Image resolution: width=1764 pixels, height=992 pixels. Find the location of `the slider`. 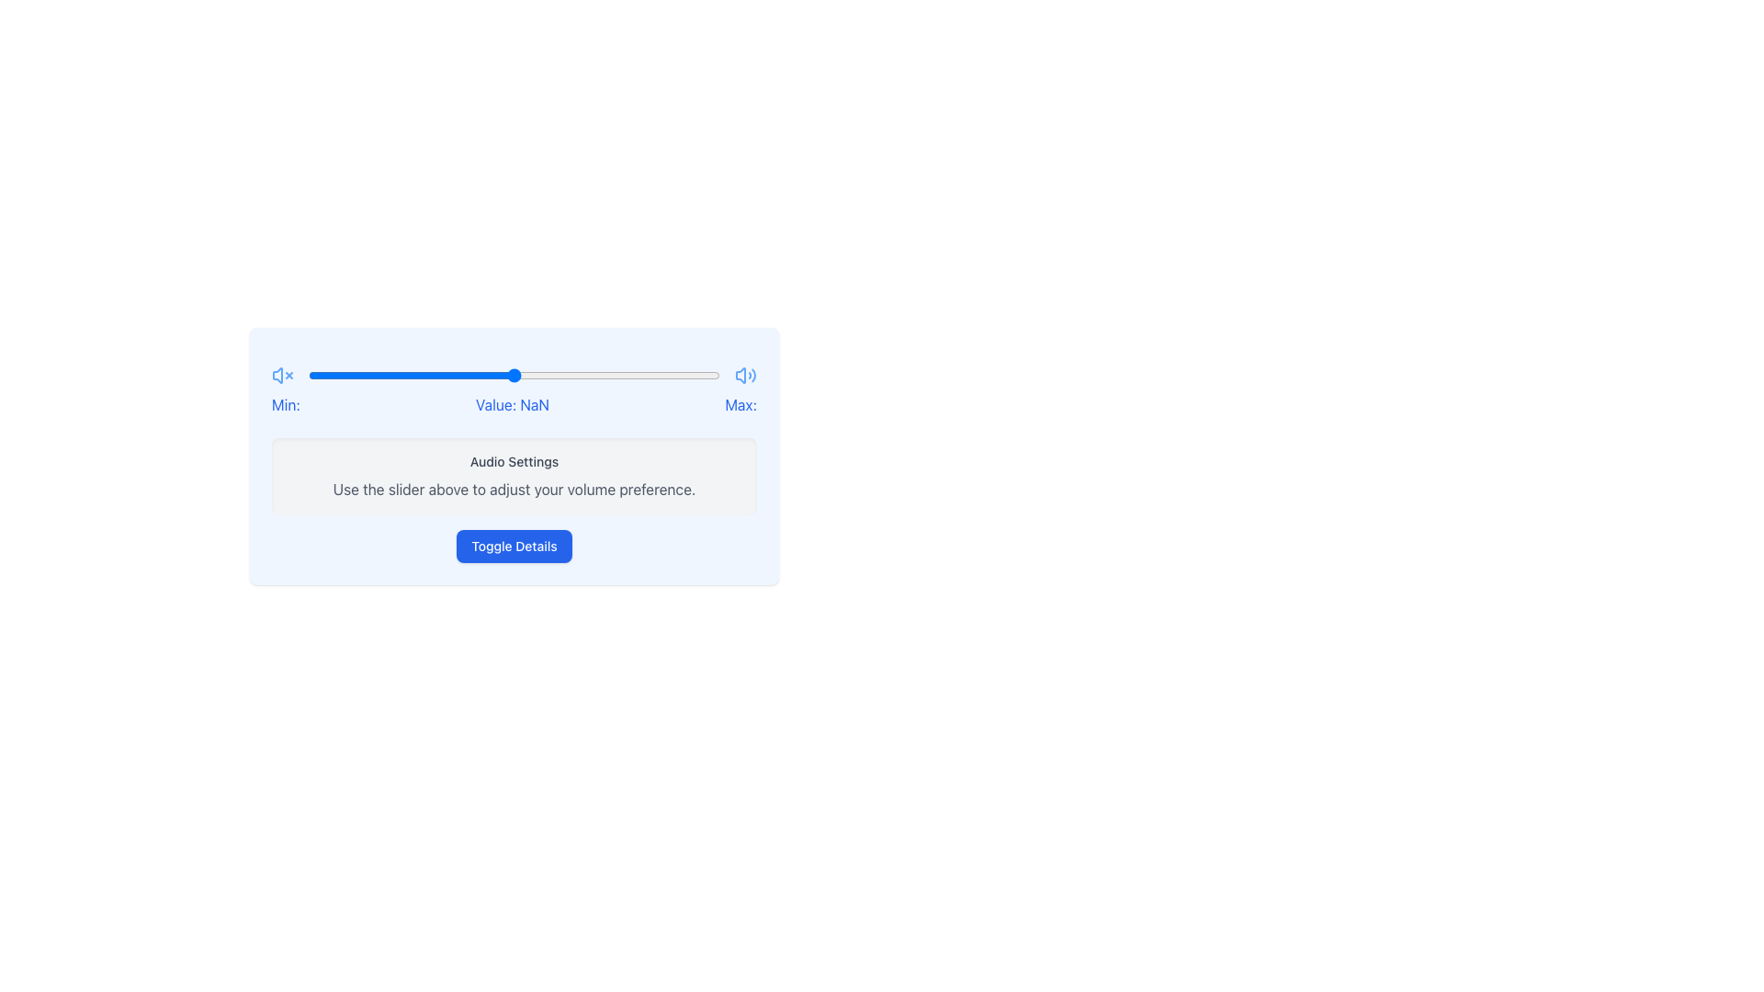

the slider is located at coordinates (498, 374).